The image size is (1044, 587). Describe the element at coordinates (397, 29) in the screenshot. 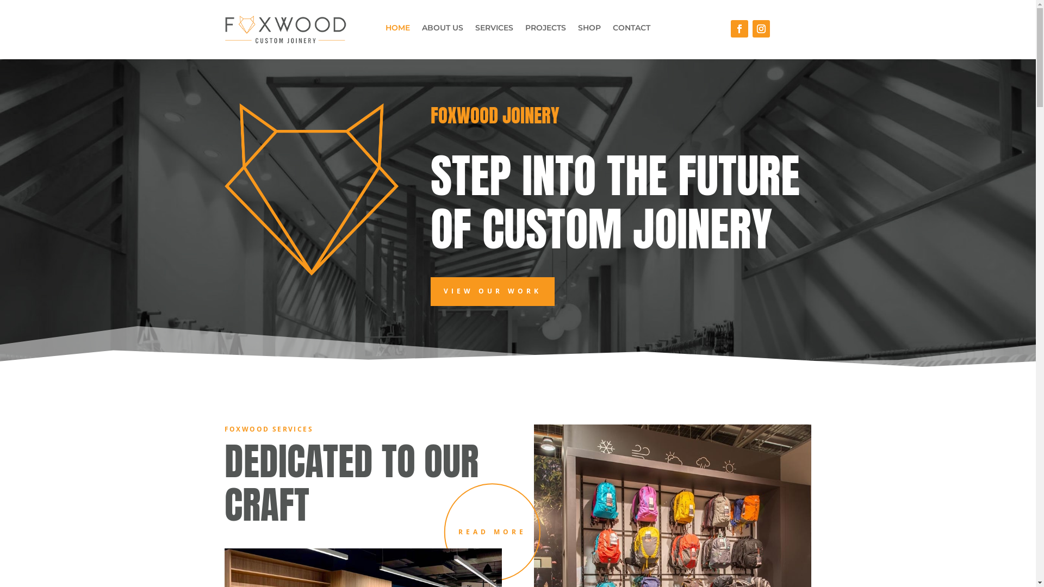

I see `'HOME'` at that location.